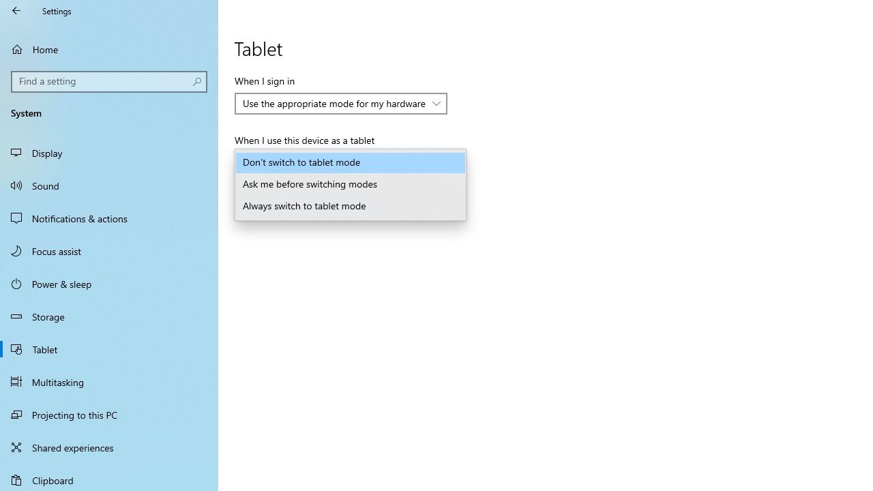 This screenshot has height=491, width=873. I want to click on 'Tablet', so click(109, 348).